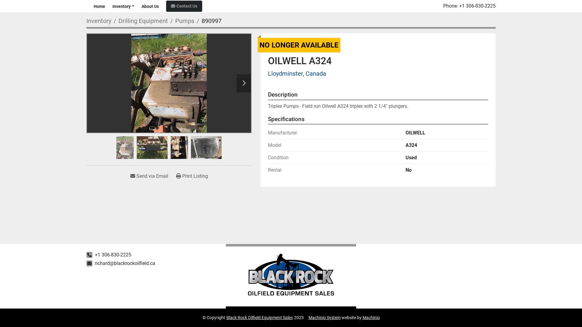  What do you see at coordinates (125, 263) in the screenshot?
I see `'richard@blackrockoilfield.ca'` at bounding box center [125, 263].